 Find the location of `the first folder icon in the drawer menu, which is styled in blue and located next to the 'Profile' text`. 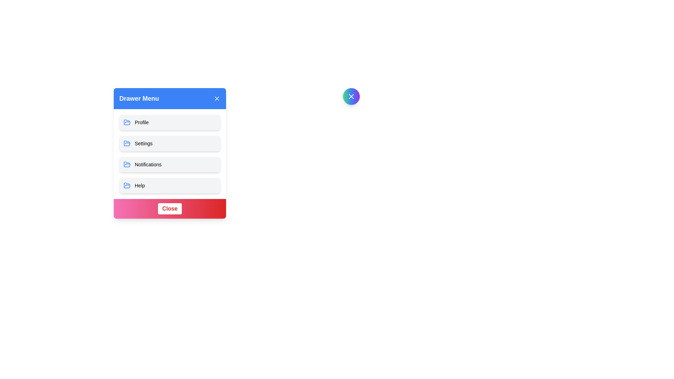

the first folder icon in the drawer menu, which is styled in blue and located next to the 'Profile' text is located at coordinates (127, 143).